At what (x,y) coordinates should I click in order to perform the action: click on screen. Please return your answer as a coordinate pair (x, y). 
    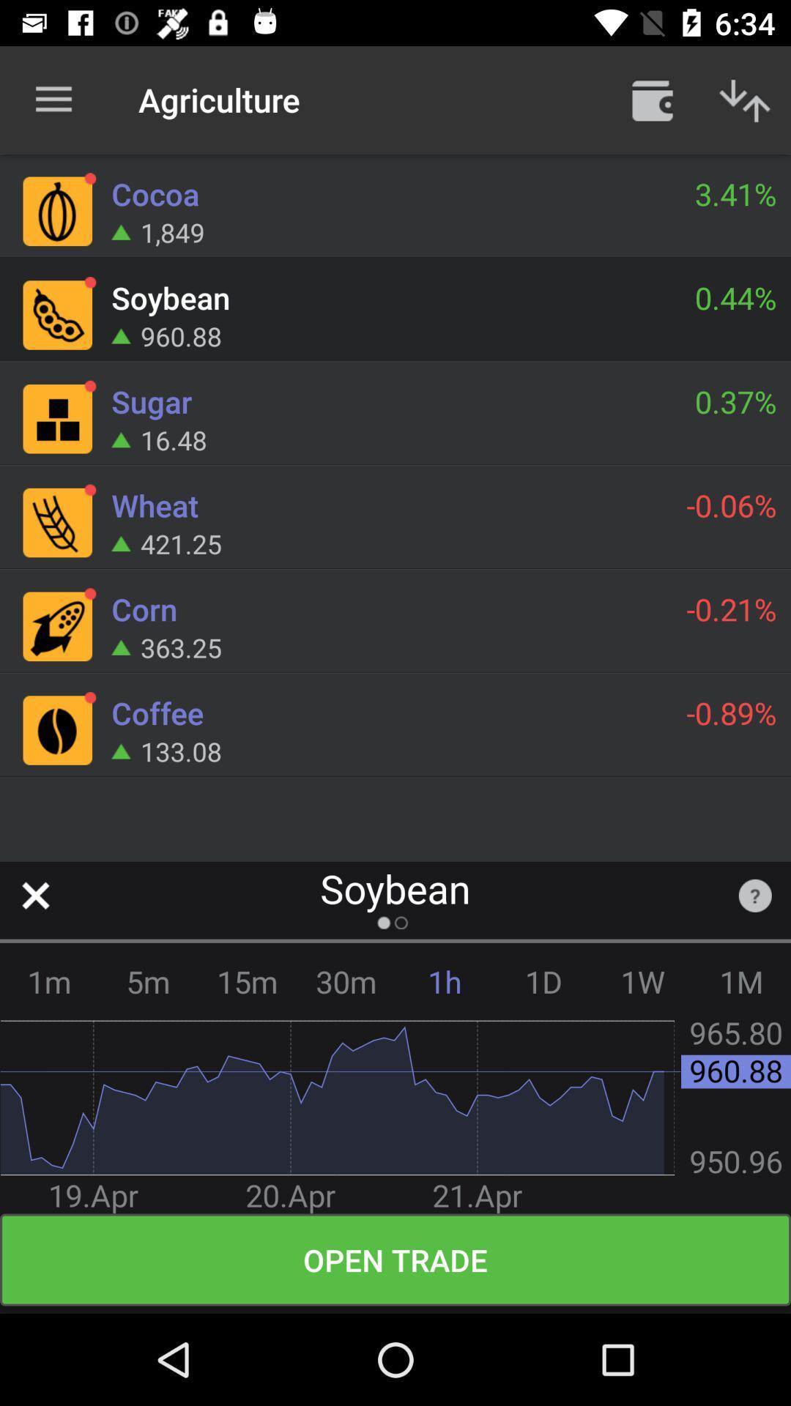
    Looking at the image, I should click on (34, 895).